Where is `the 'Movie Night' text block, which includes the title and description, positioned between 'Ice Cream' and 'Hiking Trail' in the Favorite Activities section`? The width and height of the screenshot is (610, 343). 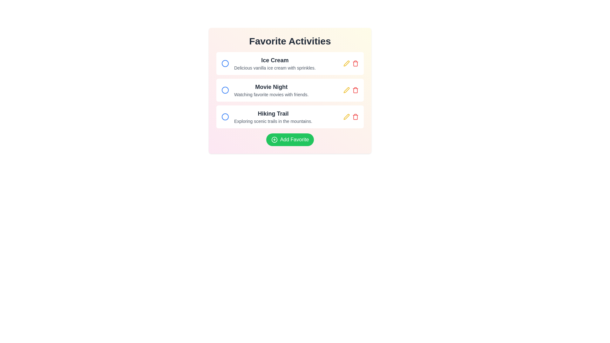
the 'Movie Night' text block, which includes the title and description, positioned between 'Ice Cream' and 'Hiking Trail' in the Favorite Activities section is located at coordinates (271, 90).